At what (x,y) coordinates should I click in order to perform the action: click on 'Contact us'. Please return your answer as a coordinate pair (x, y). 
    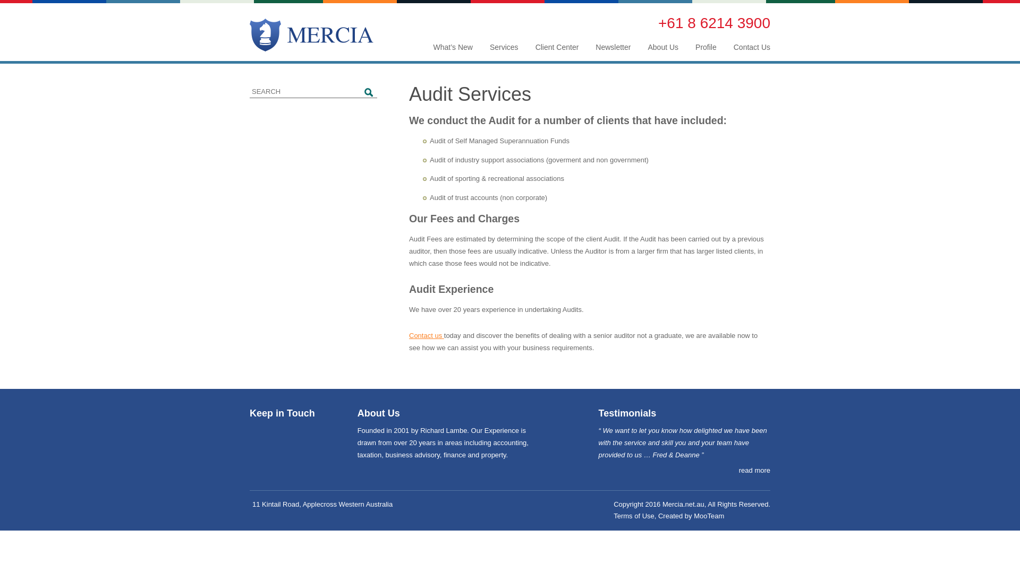
    Looking at the image, I should click on (426, 335).